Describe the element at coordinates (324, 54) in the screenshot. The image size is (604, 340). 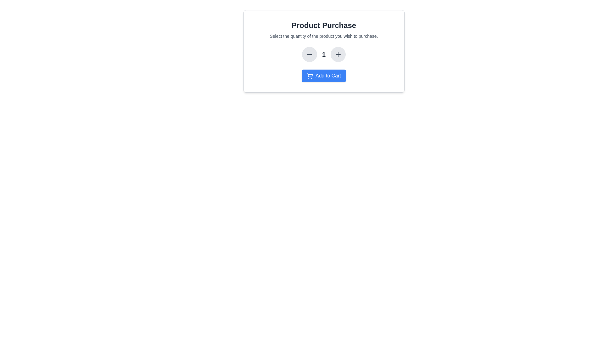
I see `the numeric display showing the value '1', which is styled with a bold font and positioned between two circular buttons for quantity selection` at that location.